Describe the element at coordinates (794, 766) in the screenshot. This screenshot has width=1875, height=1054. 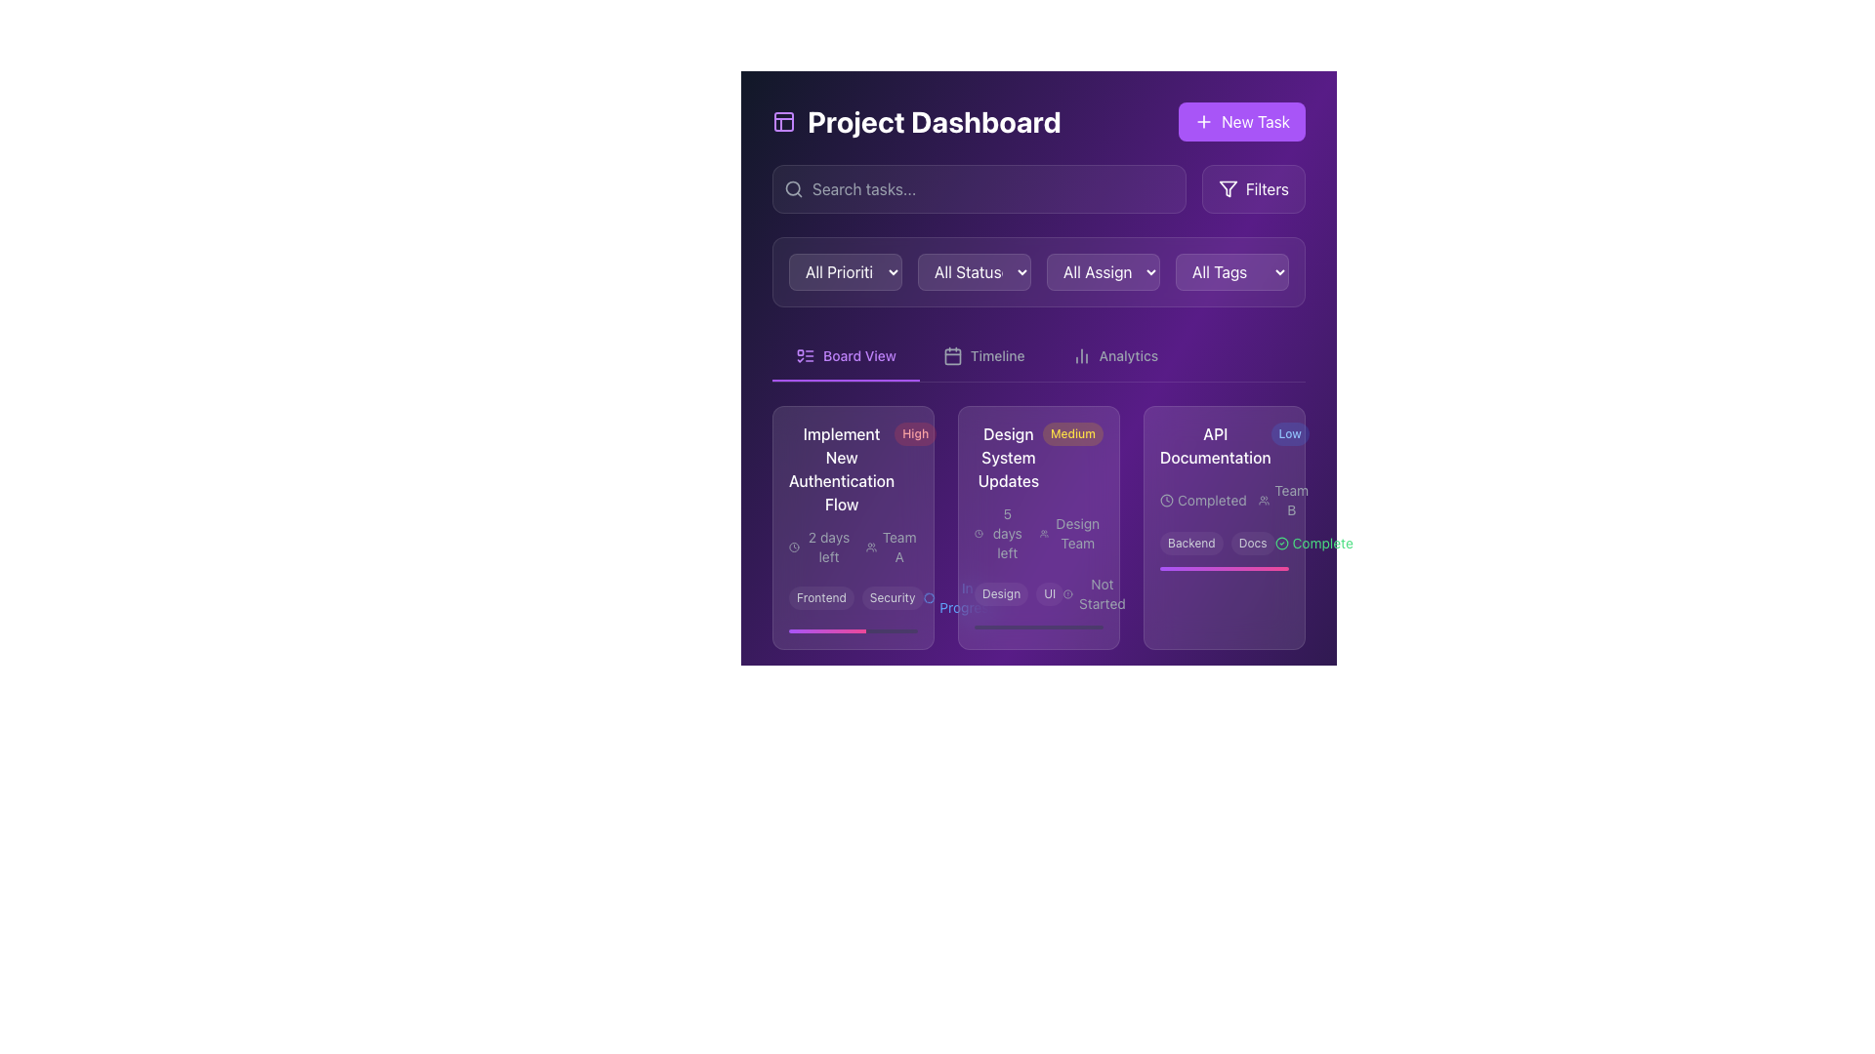
I see `the decorative circle element that is part of the clock design within the dashboard interface` at that location.